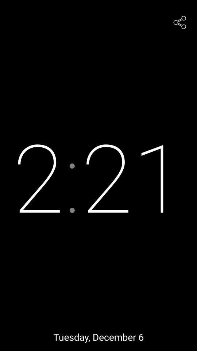 This screenshot has width=197, height=351. What do you see at coordinates (179, 22) in the screenshot?
I see `the share icon` at bounding box center [179, 22].